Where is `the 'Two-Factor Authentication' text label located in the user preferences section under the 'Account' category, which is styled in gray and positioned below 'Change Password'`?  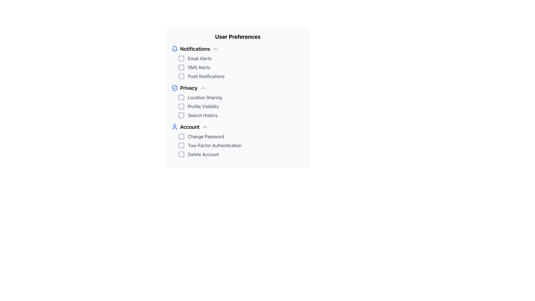
the 'Two-Factor Authentication' text label located in the user preferences section under the 'Account' category, which is styled in gray and positioned below 'Change Password' is located at coordinates (214, 145).